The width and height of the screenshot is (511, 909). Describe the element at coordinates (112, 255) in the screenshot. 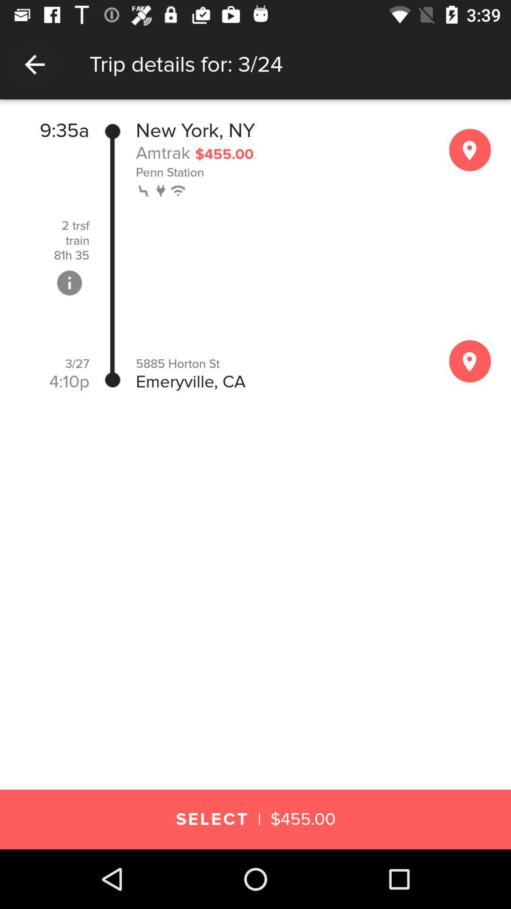

I see `icon to the right of the 9:35a icon` at that location.